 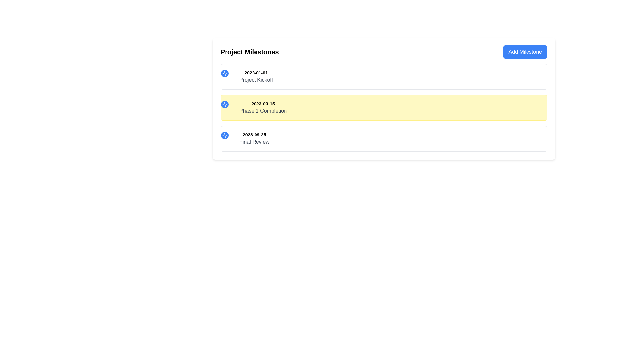 What do you see at coordinates (384, 138) in the screenshot?
I see `the description of the third milestone marker located below 'Project Kickoff' and 'Phase 1 Completion' to see details` at bounding box center [384, 138].